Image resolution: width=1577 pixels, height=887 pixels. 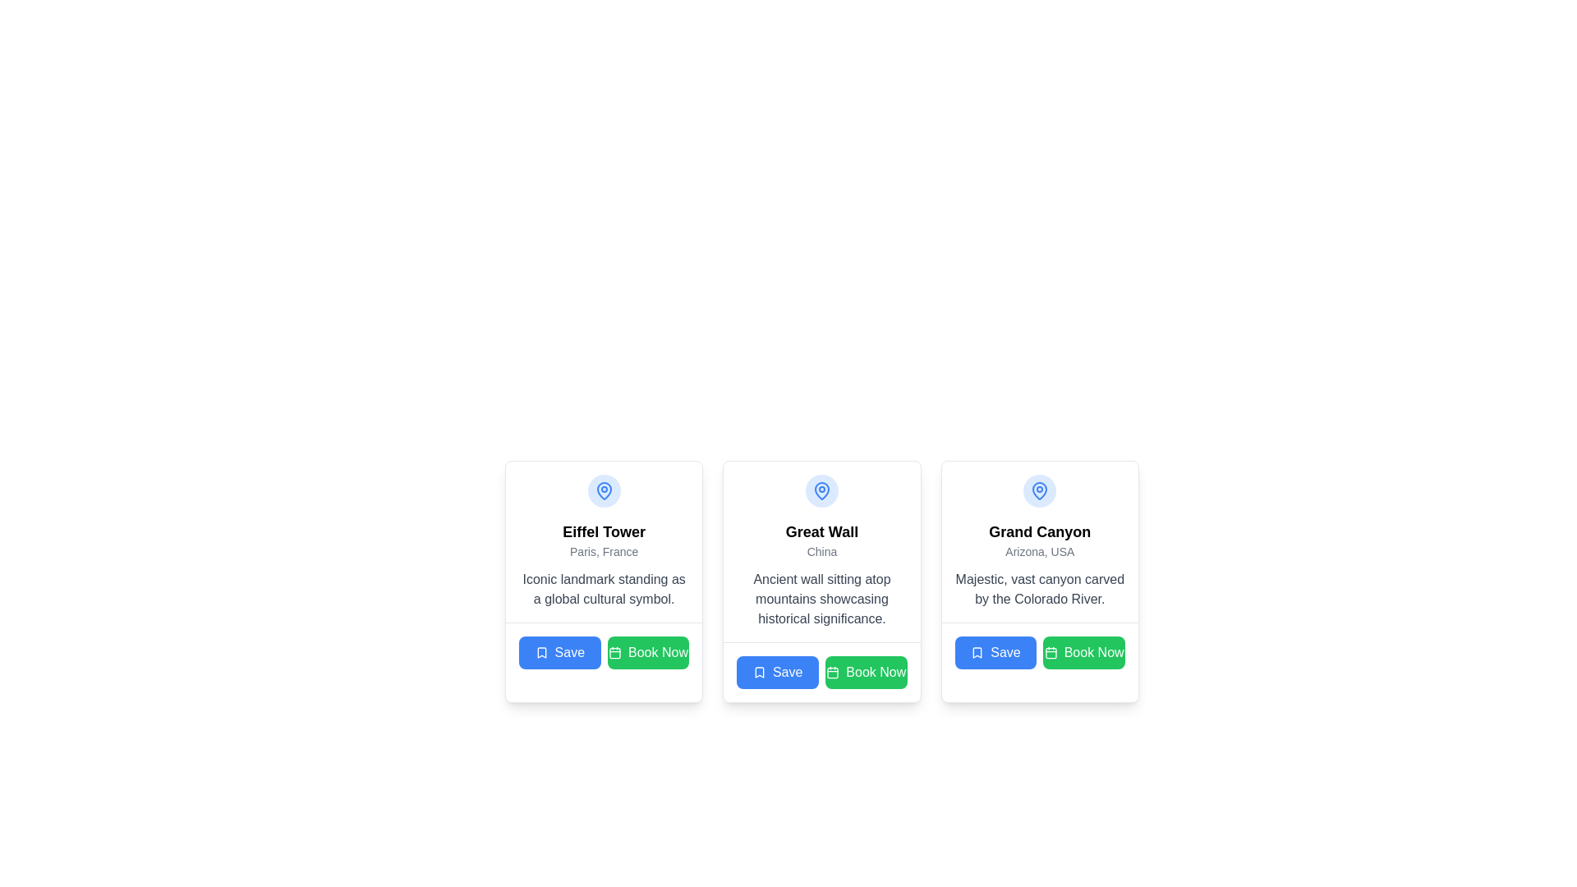 I want to click on the map pin icon with a blue outline on a light blue circular background located at the top center of the 'Grand Canyon' card, directly above the title, so click(x=1039, y=489).